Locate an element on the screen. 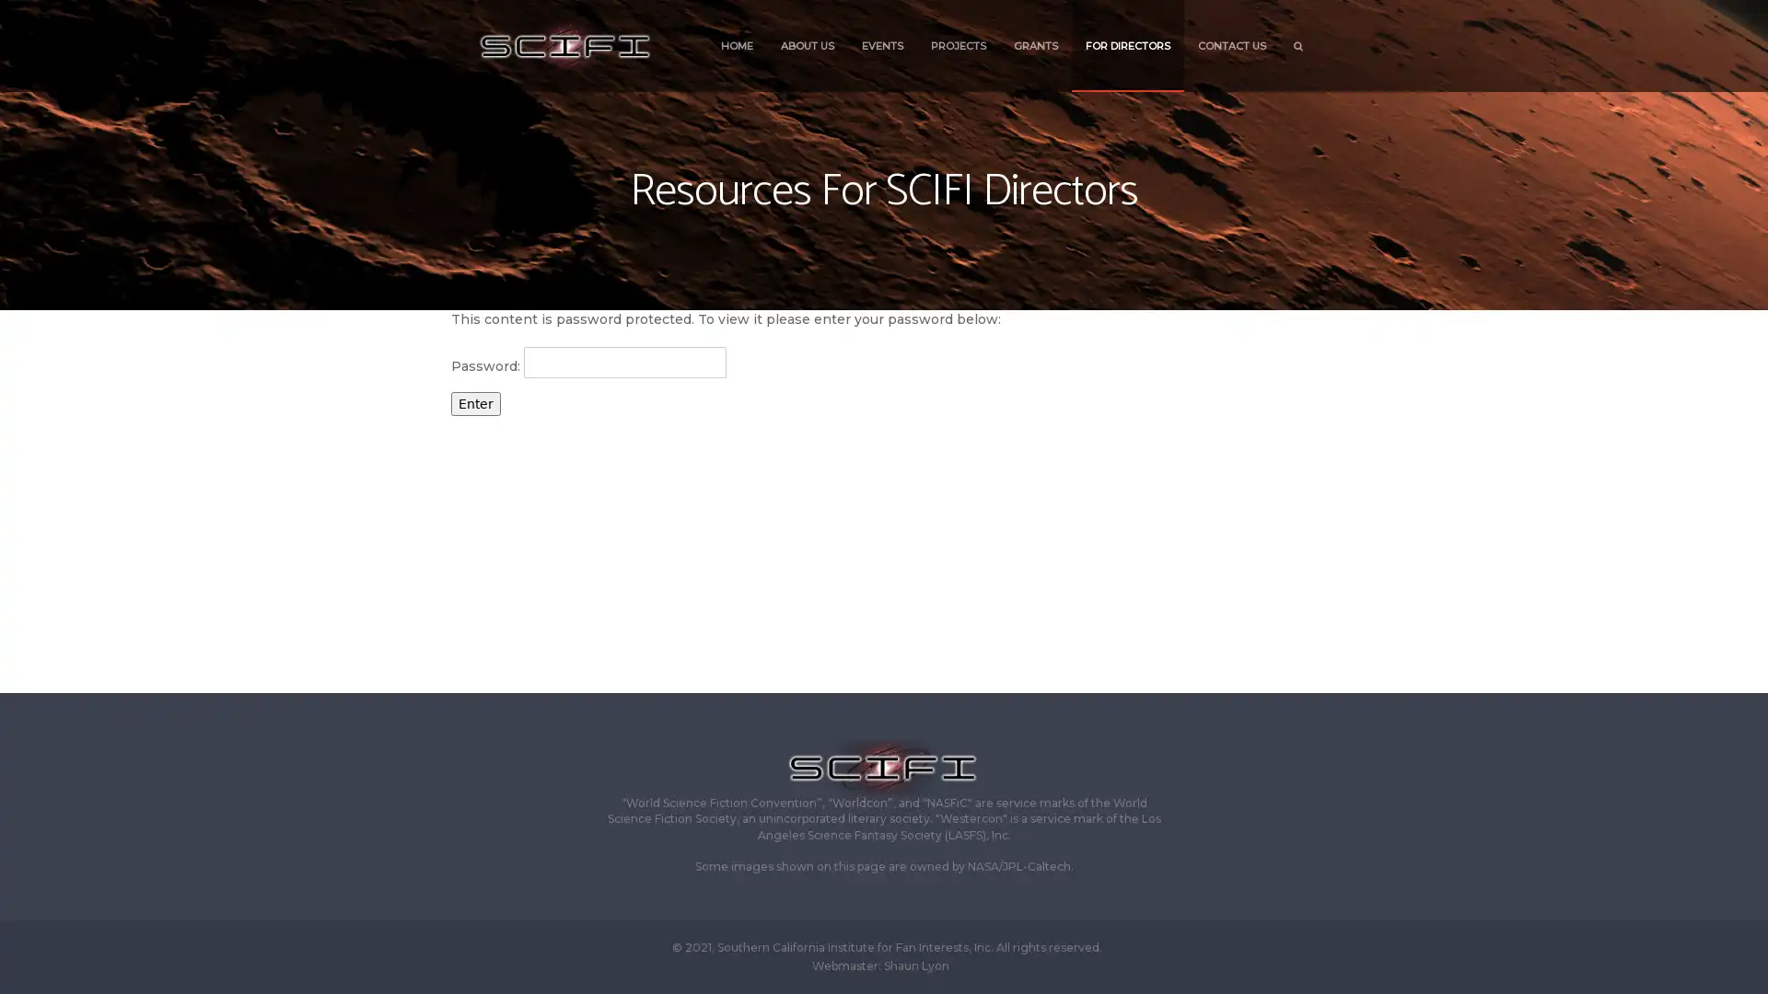  Enter is located at coordinates (476, 402).